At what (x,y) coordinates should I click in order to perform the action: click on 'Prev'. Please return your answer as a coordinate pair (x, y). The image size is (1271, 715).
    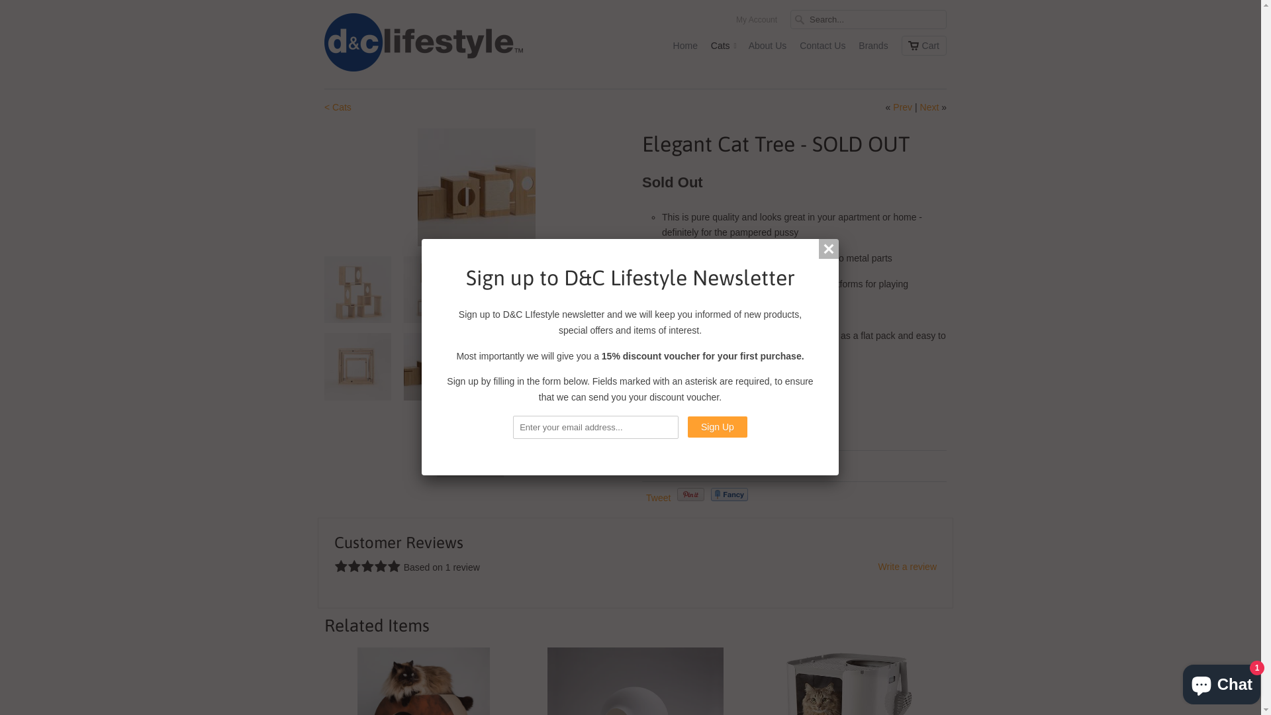
    Looking at the image, I should click on (902, 107).